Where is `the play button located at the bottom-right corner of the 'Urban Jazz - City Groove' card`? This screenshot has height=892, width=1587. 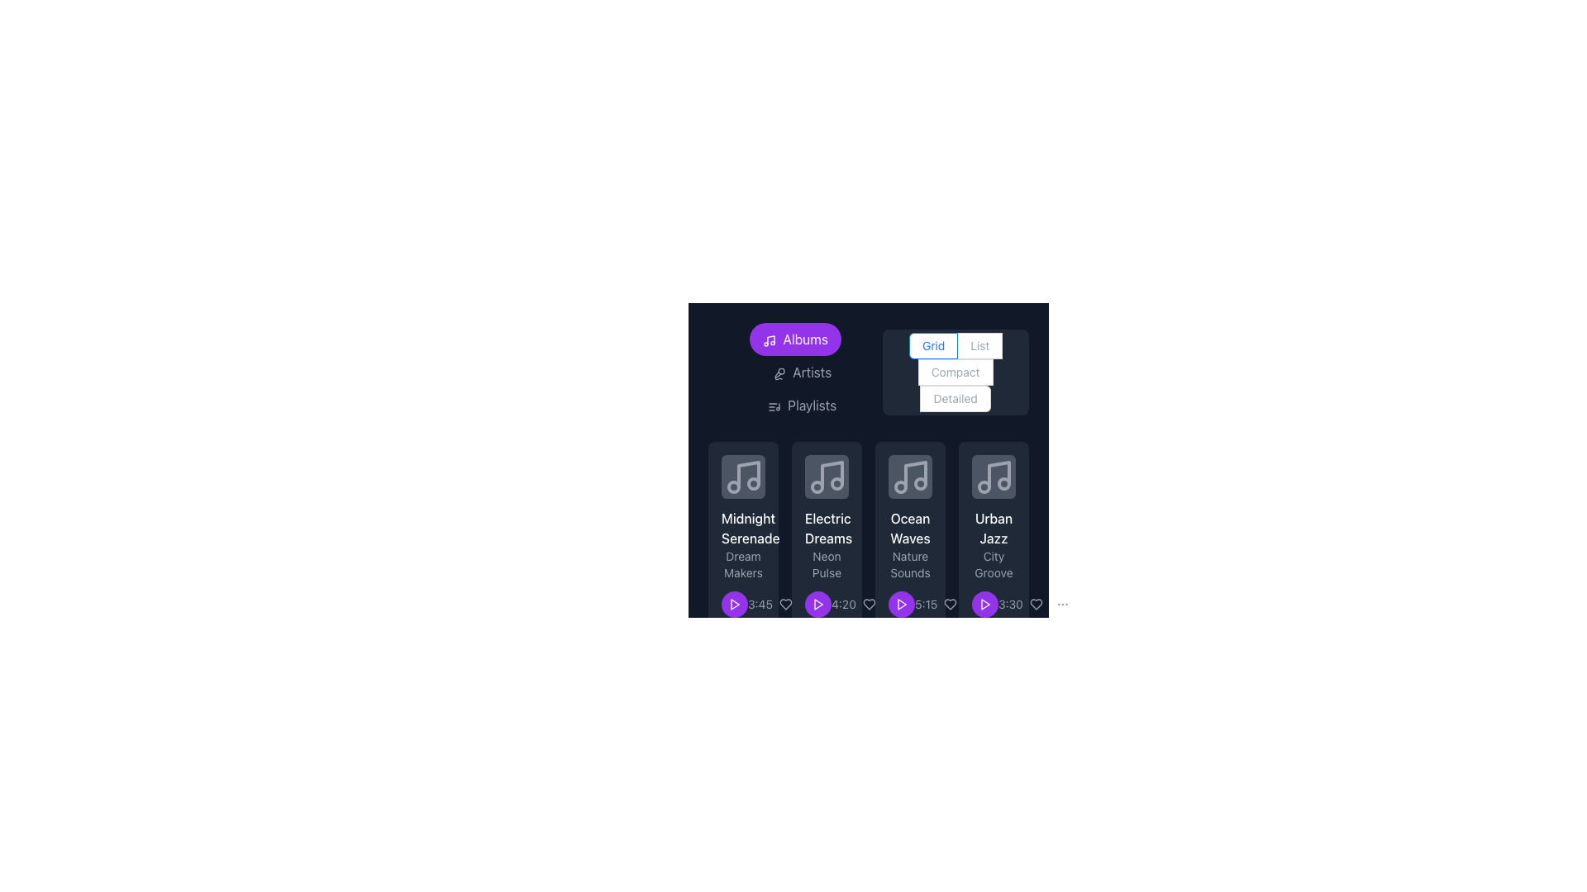 the play button located at the bottom-right corner of the 'Urban Jazz - City Groove' card is located at coordinates (993, 605).